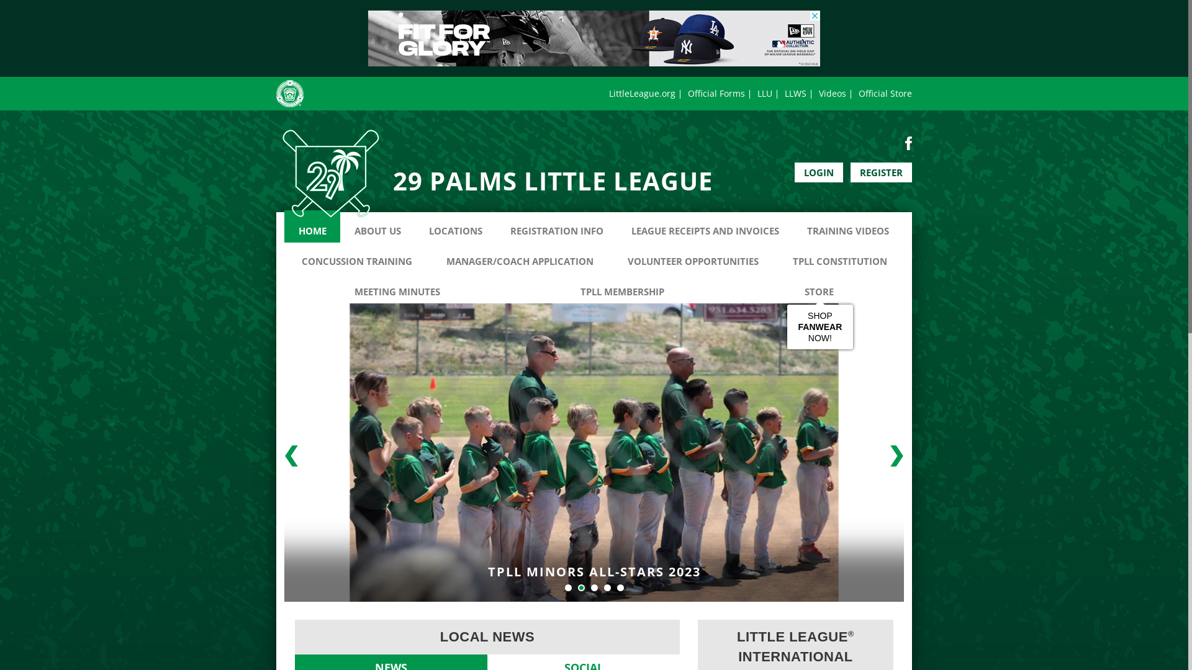 The height and width of the screenshot is (670, 1192). Describe the element at coordinates (857, 92) in the screenshot. I see `'Official Store'` at that location.